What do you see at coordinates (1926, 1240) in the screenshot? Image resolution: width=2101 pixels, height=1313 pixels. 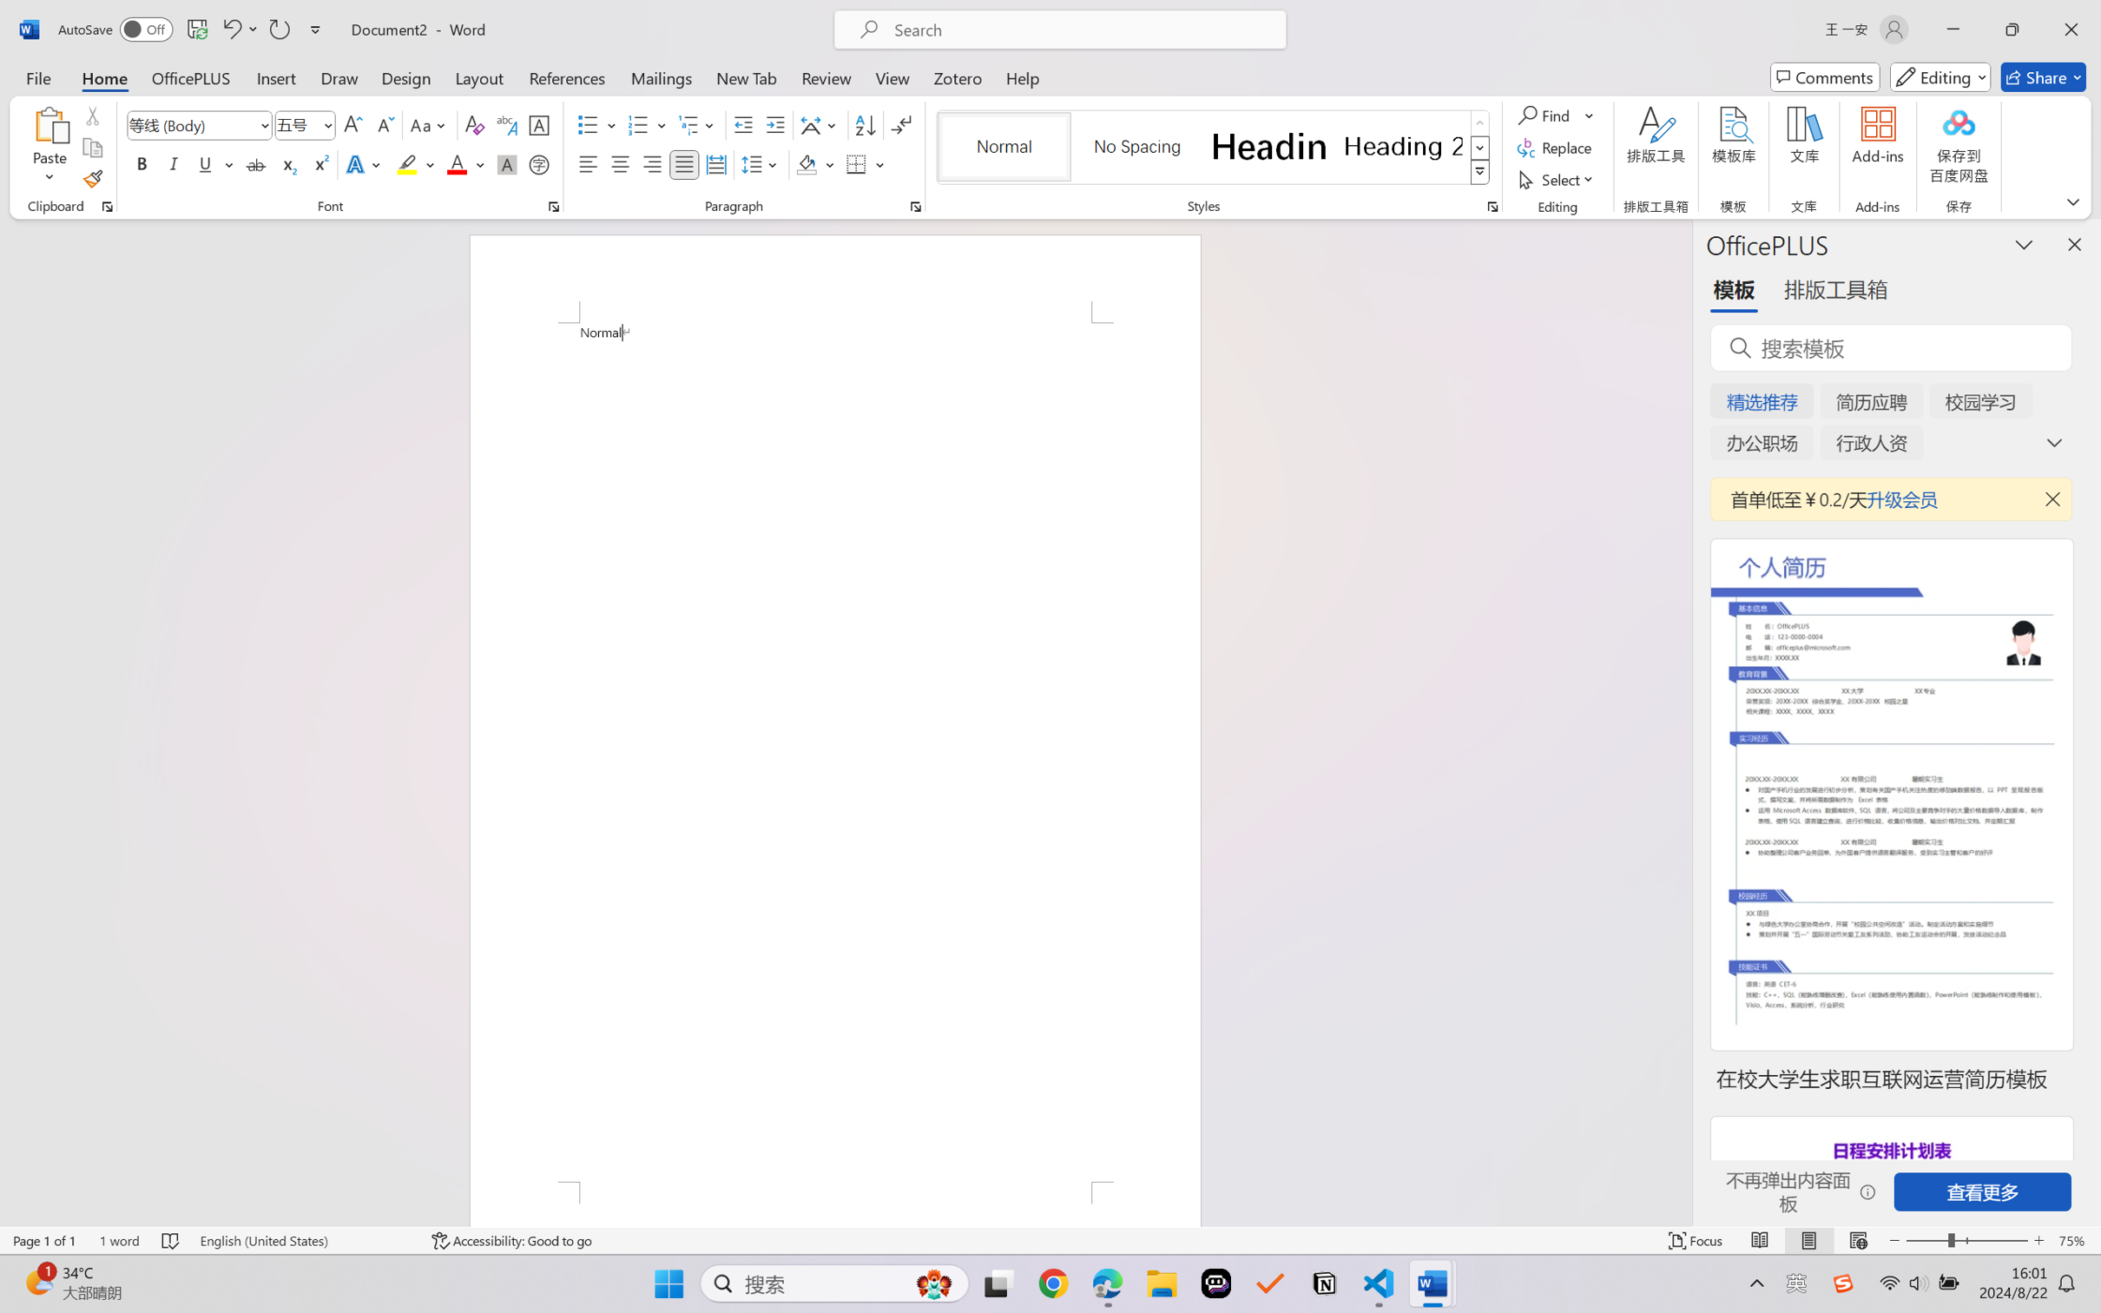 I see `'Zoom Out'` at bounding box center [1926, 1240].